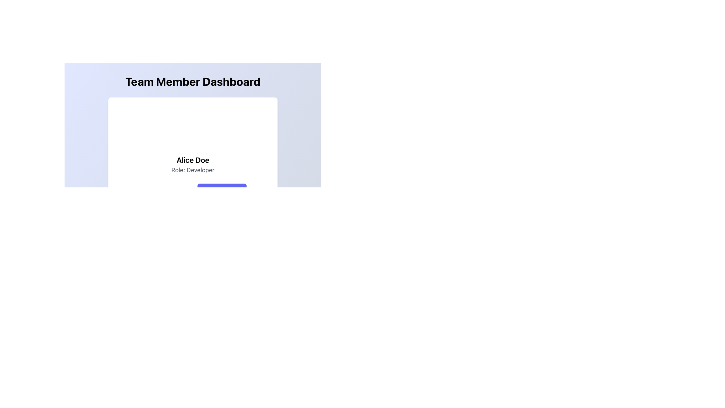 The image size is (725, 408). I want to click on main header text located at the upper part of the interface, which serves as the title and identifies the context of the displayed interface, so click(193, 82).